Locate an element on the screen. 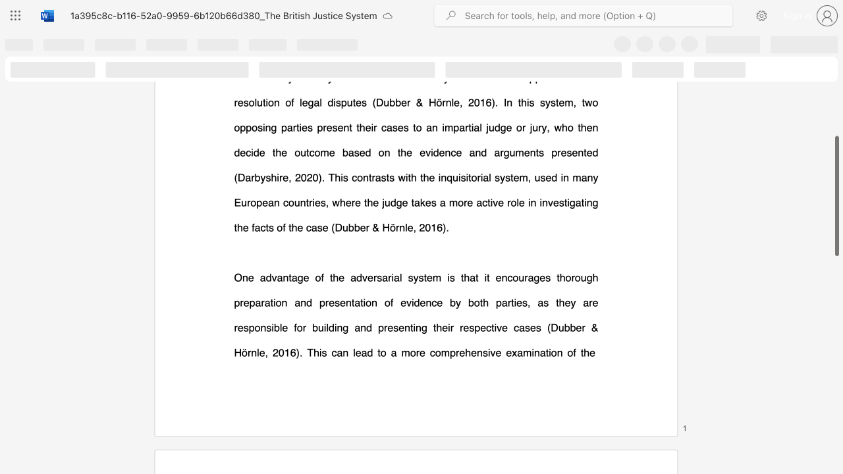 The width and height of the screenshot is (843, 474). the subset text "tion of evidence by both parti" within the text "One advantage of the adversarial system is that it encourages thorough preparation and presentation of evidence by both parties, as they are responsible for building and presenting their respective cases" is located at coordinates (360, 302).